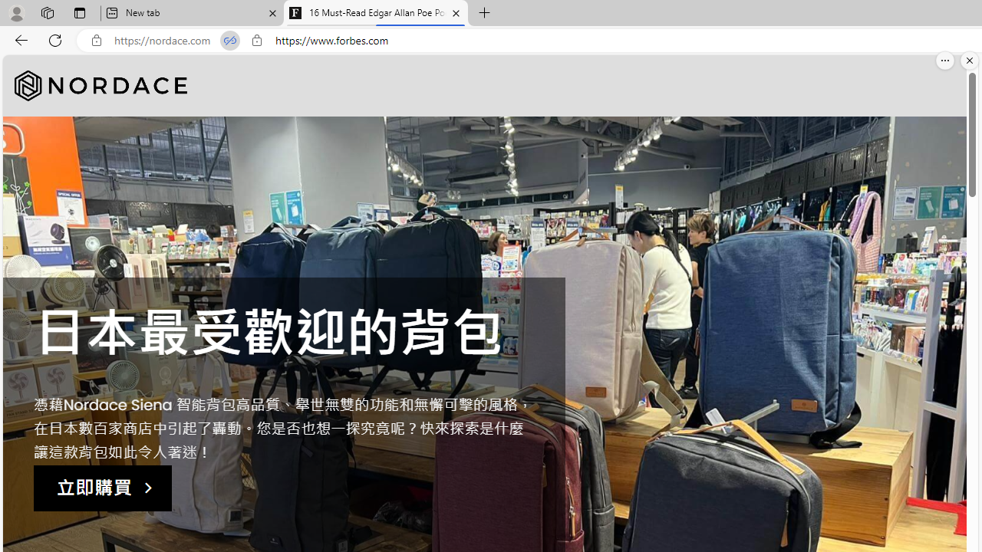  What do you see at coordinates (18, 39) in the screenshot?
I see `'Back'` at bounding box center [18, 39].